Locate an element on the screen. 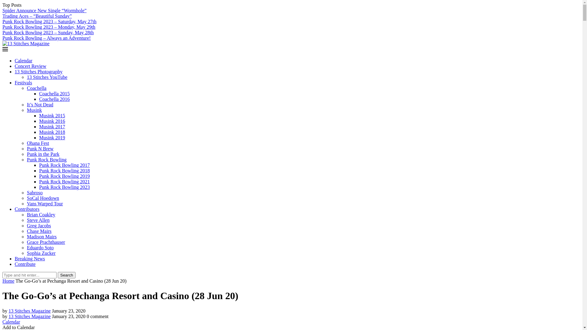  'Punk Rock Bowling 2017' is located at coordinates (65, 165).